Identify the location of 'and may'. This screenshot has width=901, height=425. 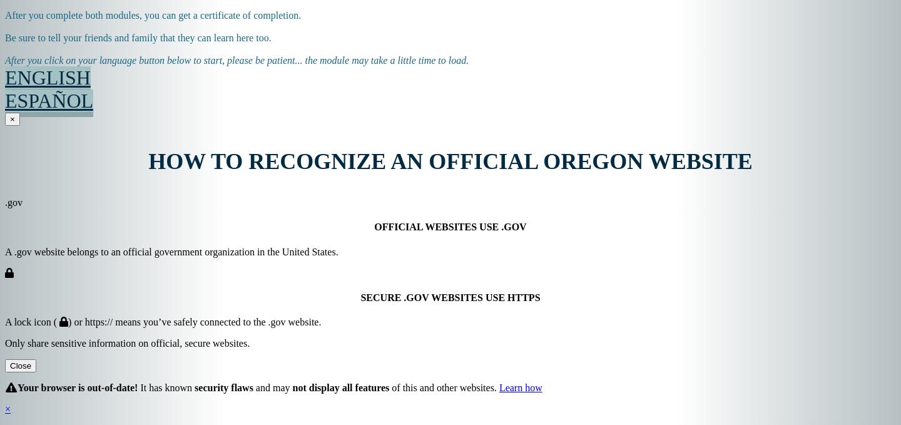
(272, 387).